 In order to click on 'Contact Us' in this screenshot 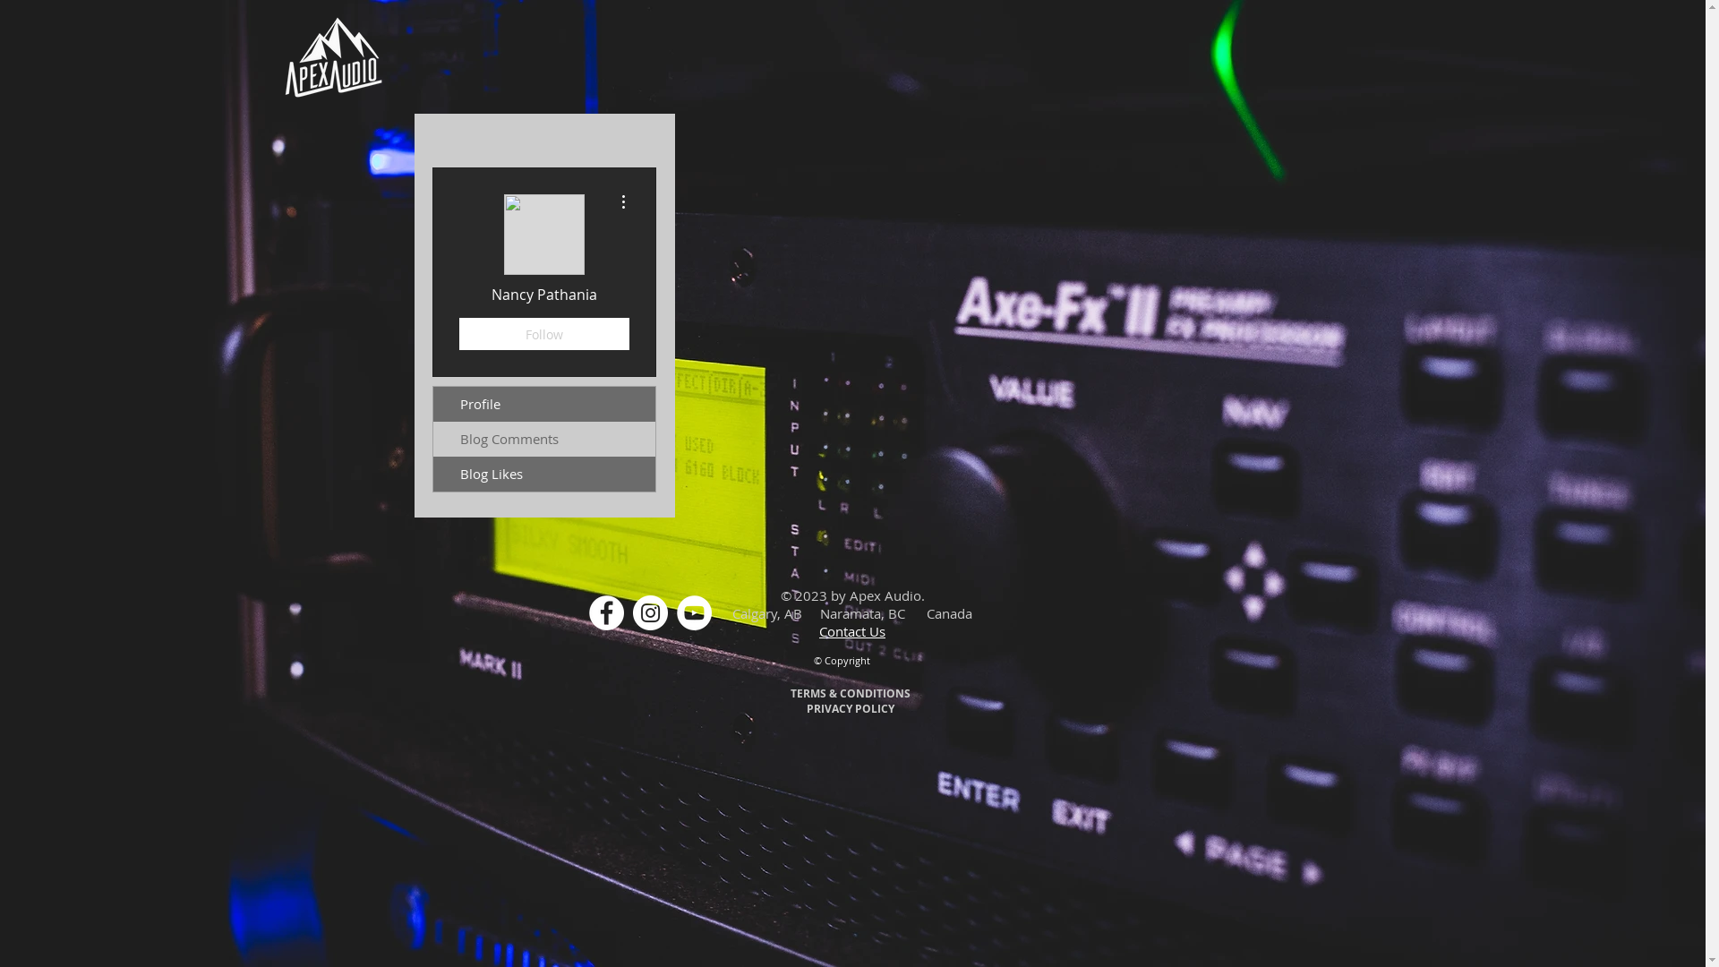, I will do `click(851, 630)`.